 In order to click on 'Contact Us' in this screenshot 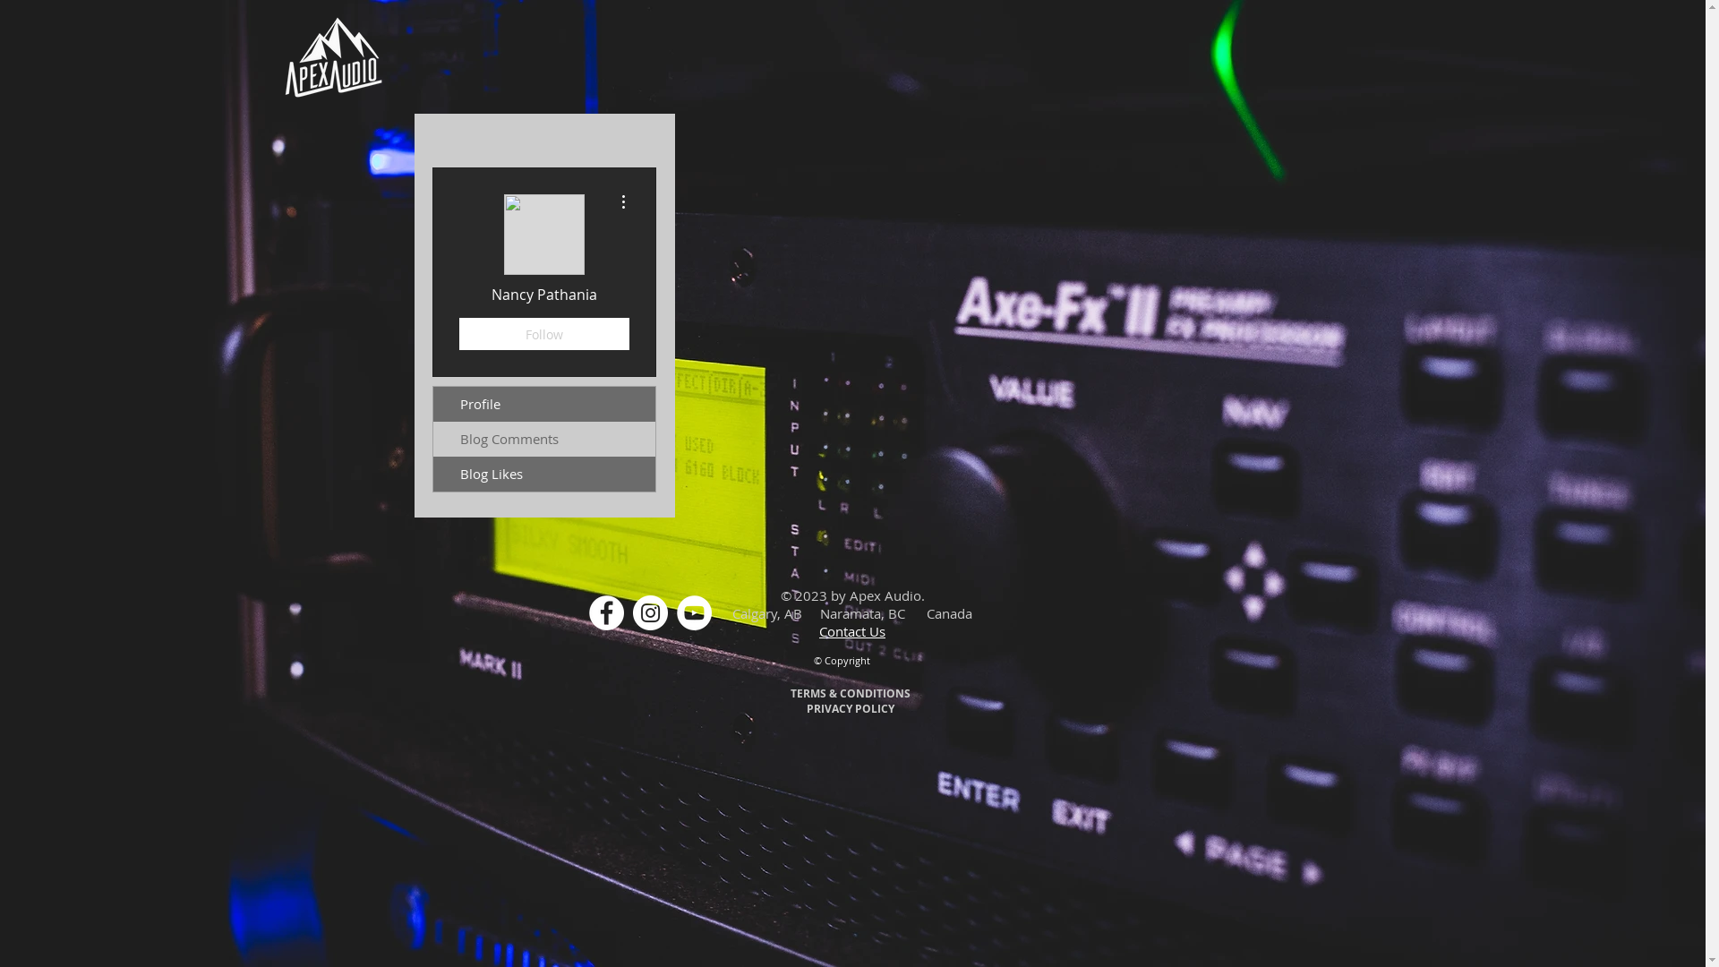, I will do `click(851, 630)`.